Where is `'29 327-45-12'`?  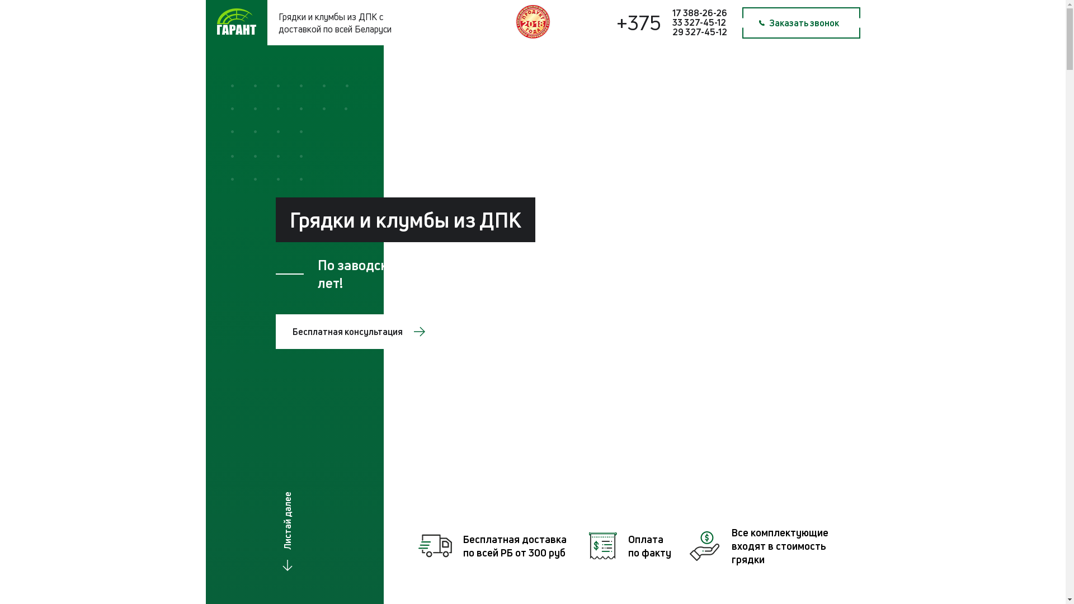
'29 327-45-12' is located at coordinates (671, 31).